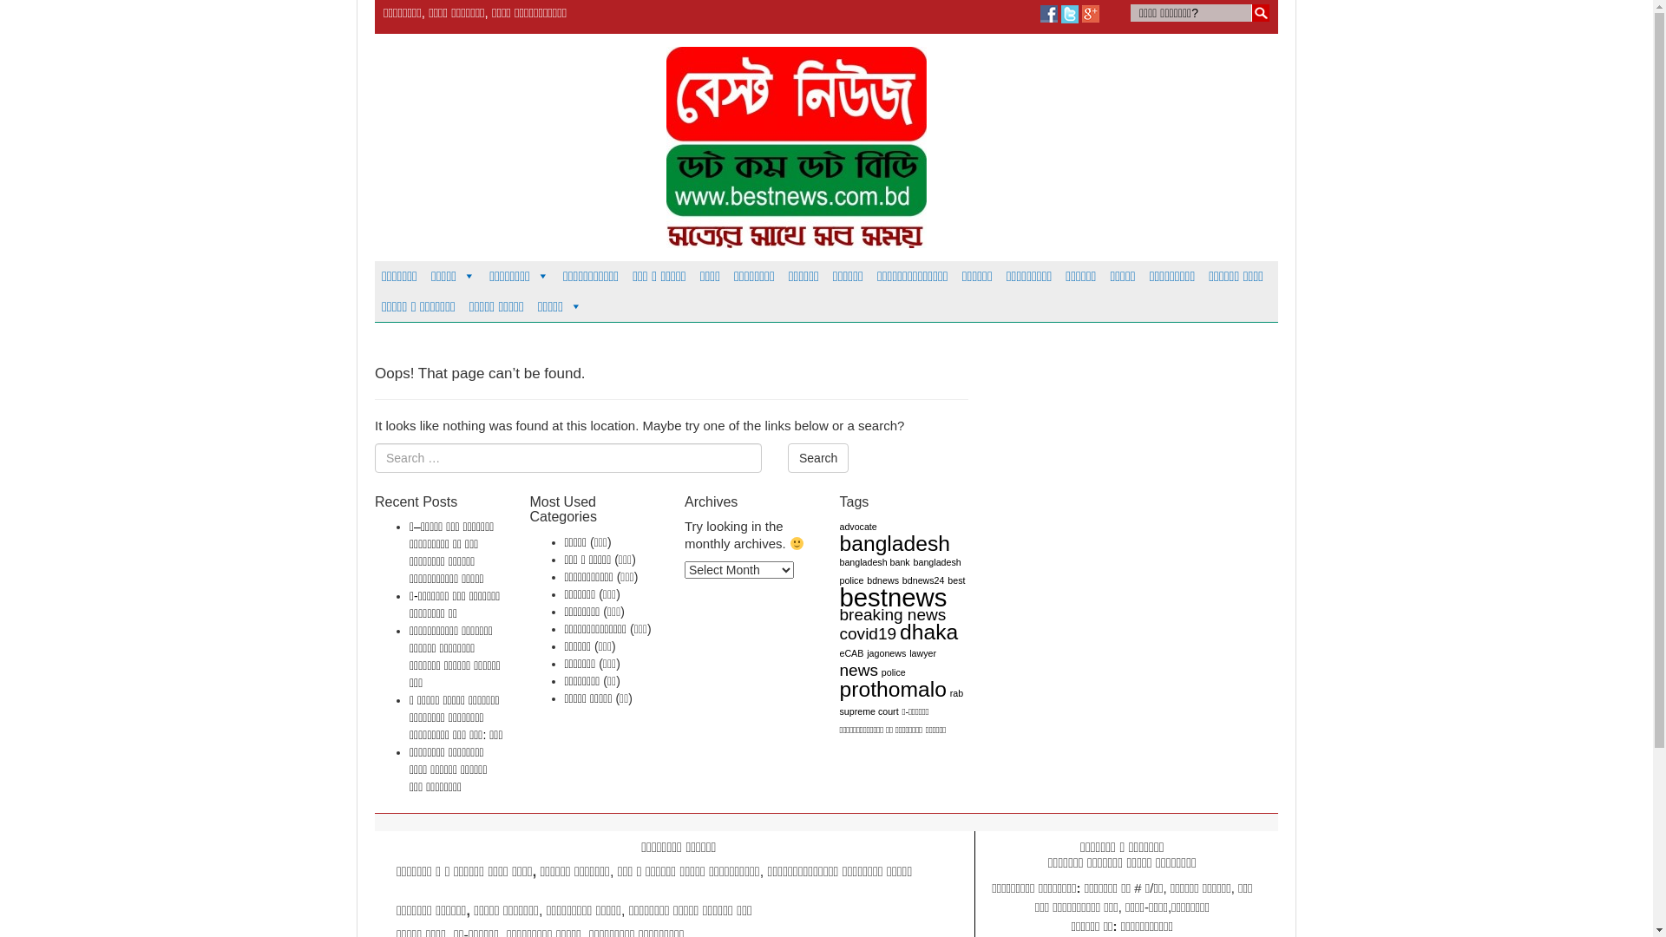 The image size is (1666, 937). Describe the element at coordinates (858, 525) in the screenshot. I see `'advocate'` at that location.